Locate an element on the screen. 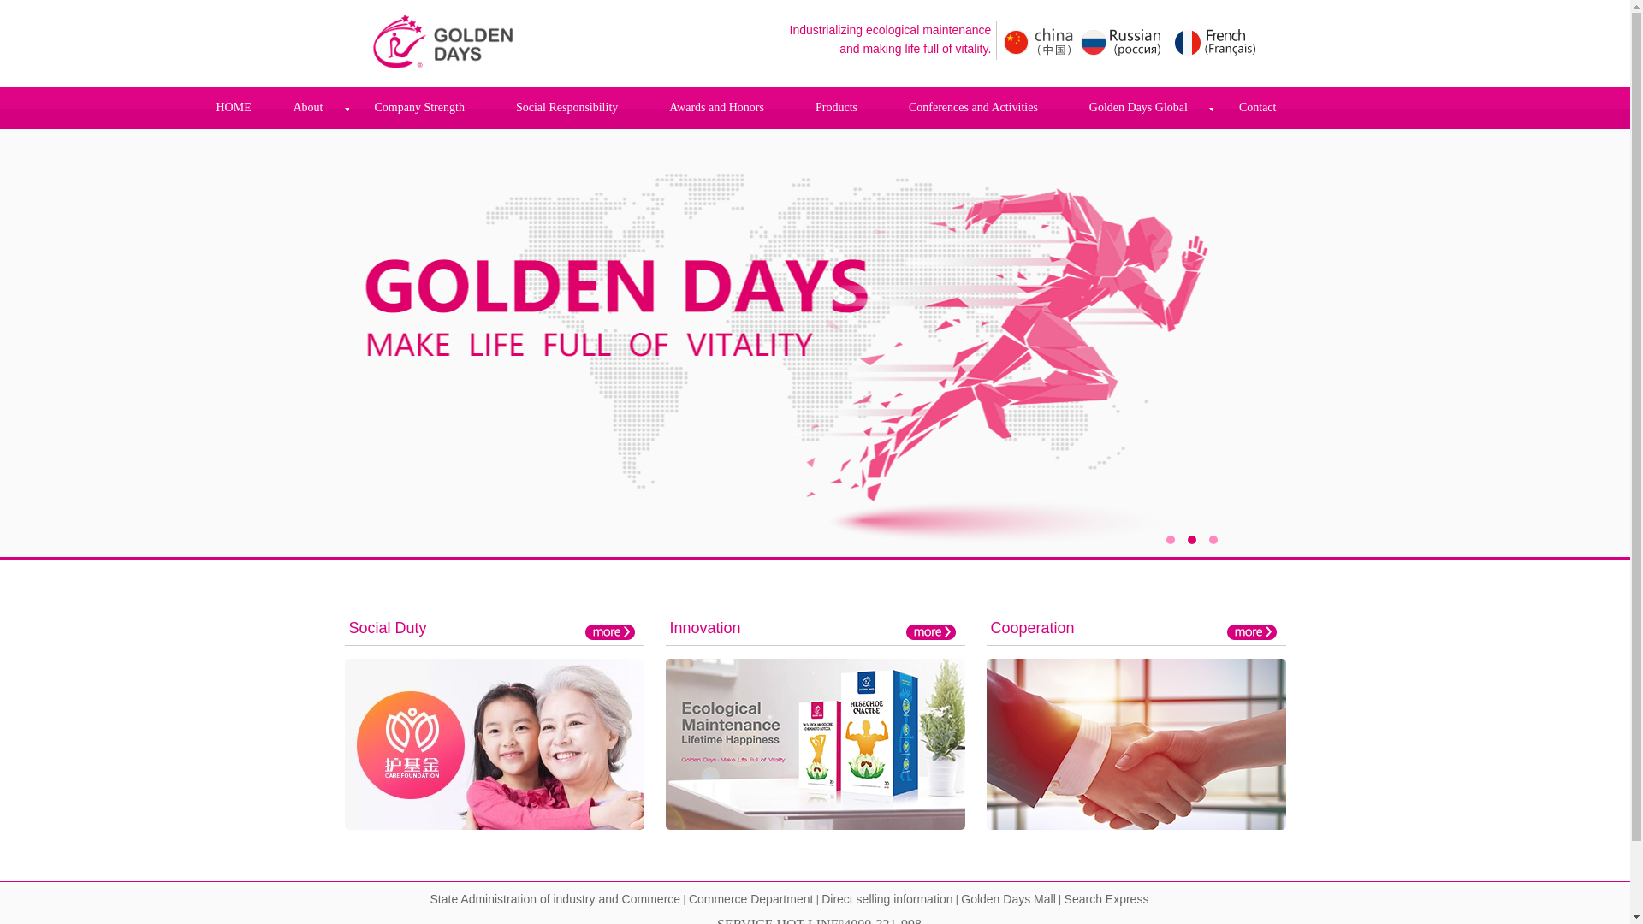 The height and width of the screenshot is (924, 1643). 'Golden Days Mall' is located at coordinates (1008, 899).